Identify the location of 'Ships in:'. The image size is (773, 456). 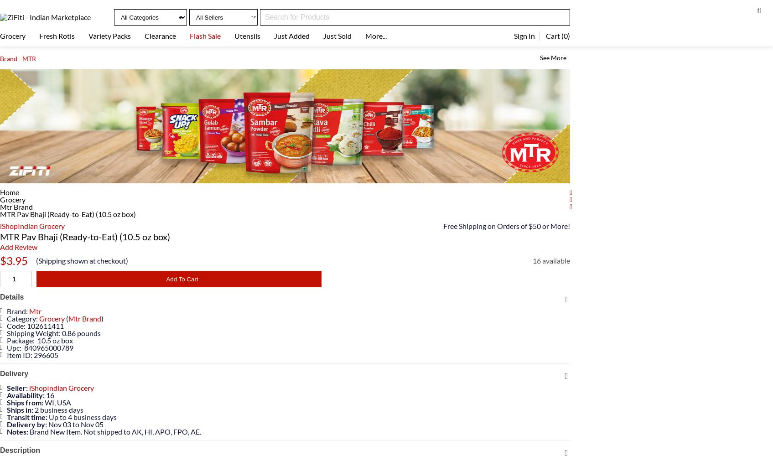
(20, 409).